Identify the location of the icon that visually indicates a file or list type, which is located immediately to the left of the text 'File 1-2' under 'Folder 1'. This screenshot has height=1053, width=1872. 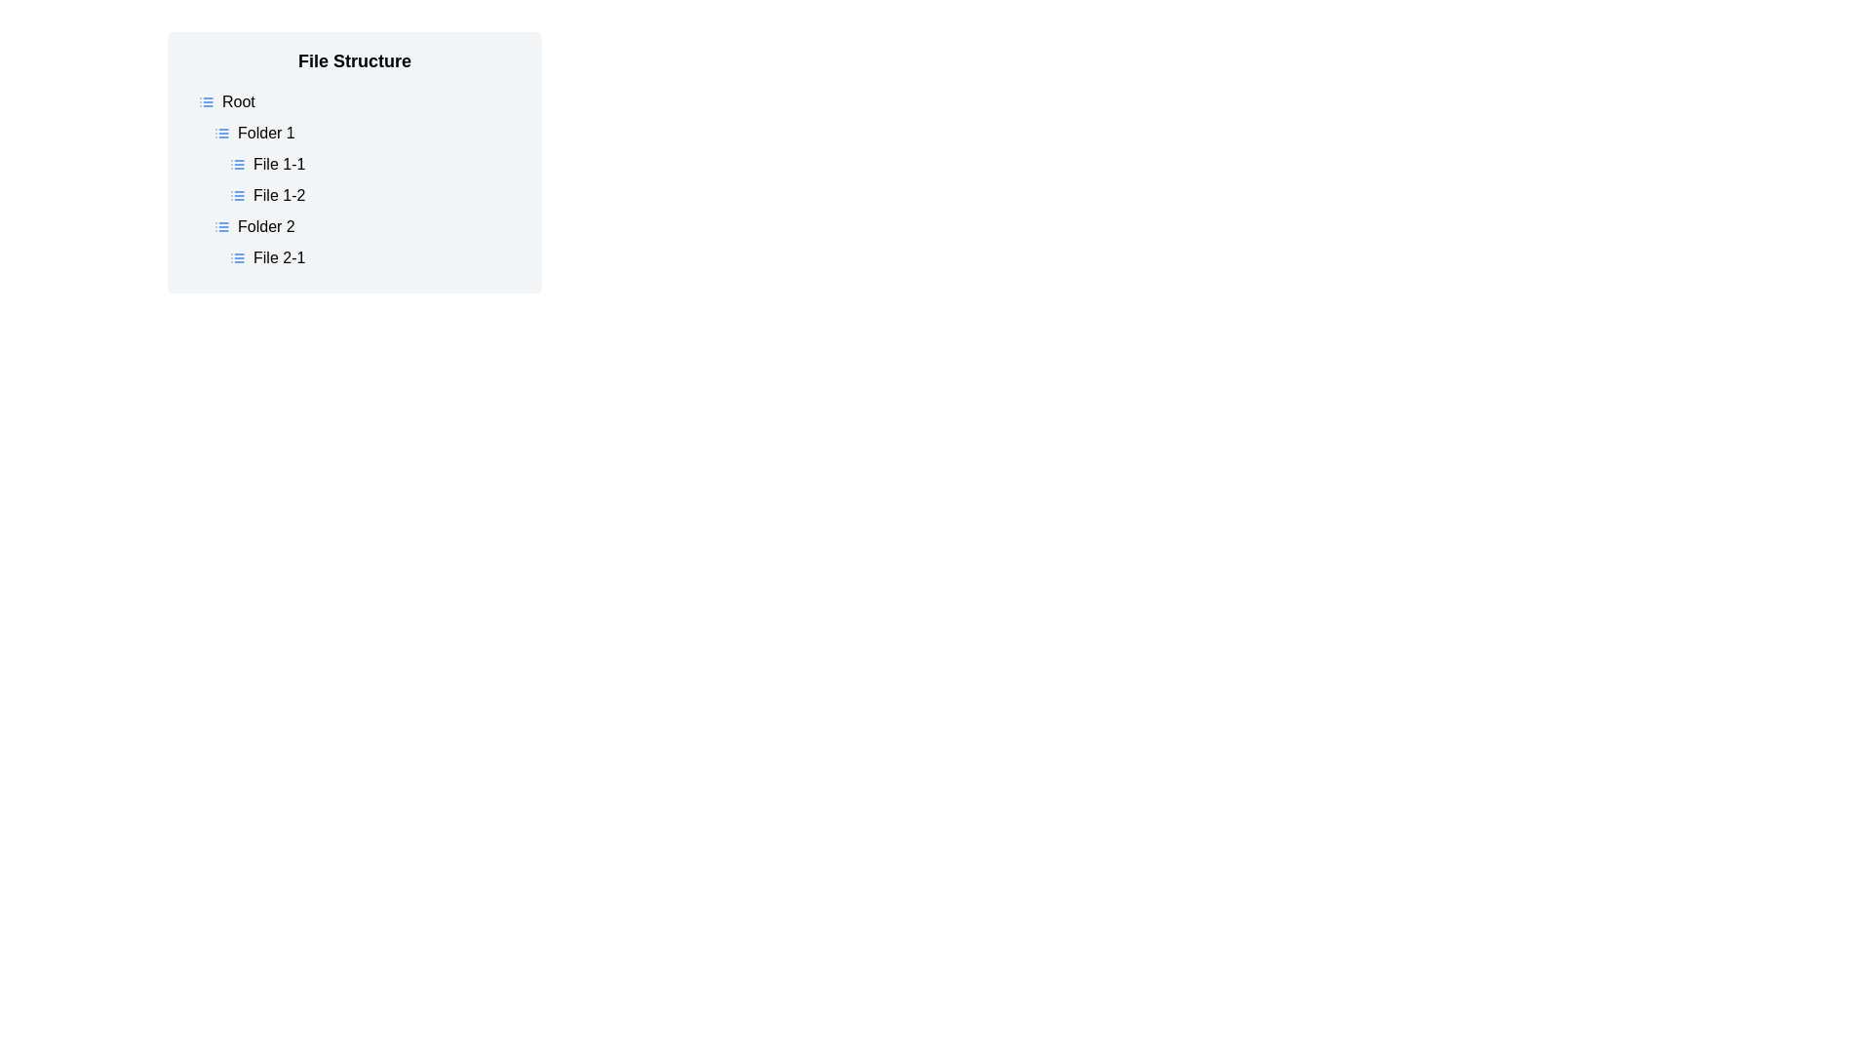
(237, 195).